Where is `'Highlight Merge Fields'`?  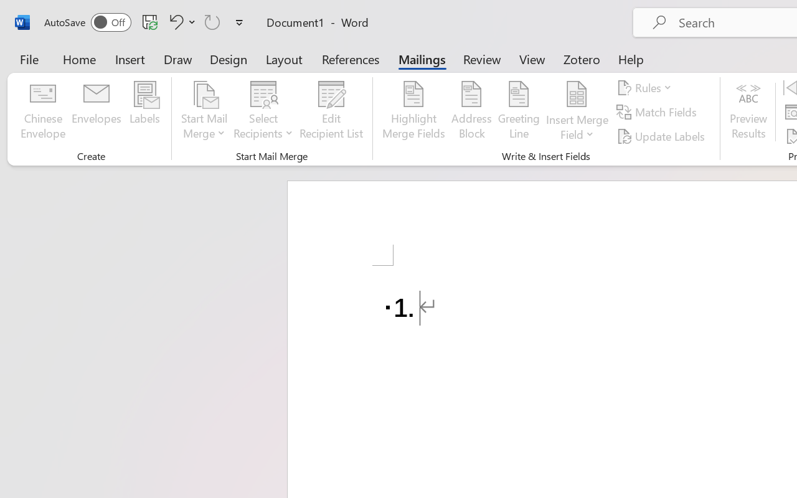
'Highlight Merge Fields' is located at coordinates (413, 111).